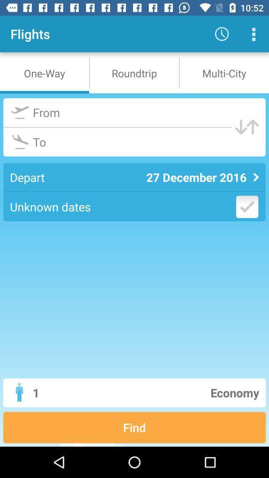 This screenshot has width=269, height=478. What do you see at coordinates (172, 392) in the screenshot?
I see `item above find item` at bounding box center [172, 392].